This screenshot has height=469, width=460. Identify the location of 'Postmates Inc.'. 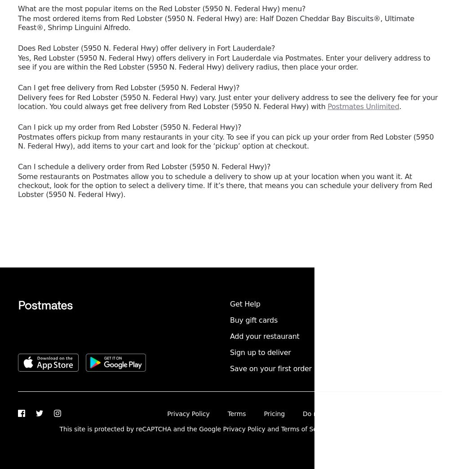
(418, 428).